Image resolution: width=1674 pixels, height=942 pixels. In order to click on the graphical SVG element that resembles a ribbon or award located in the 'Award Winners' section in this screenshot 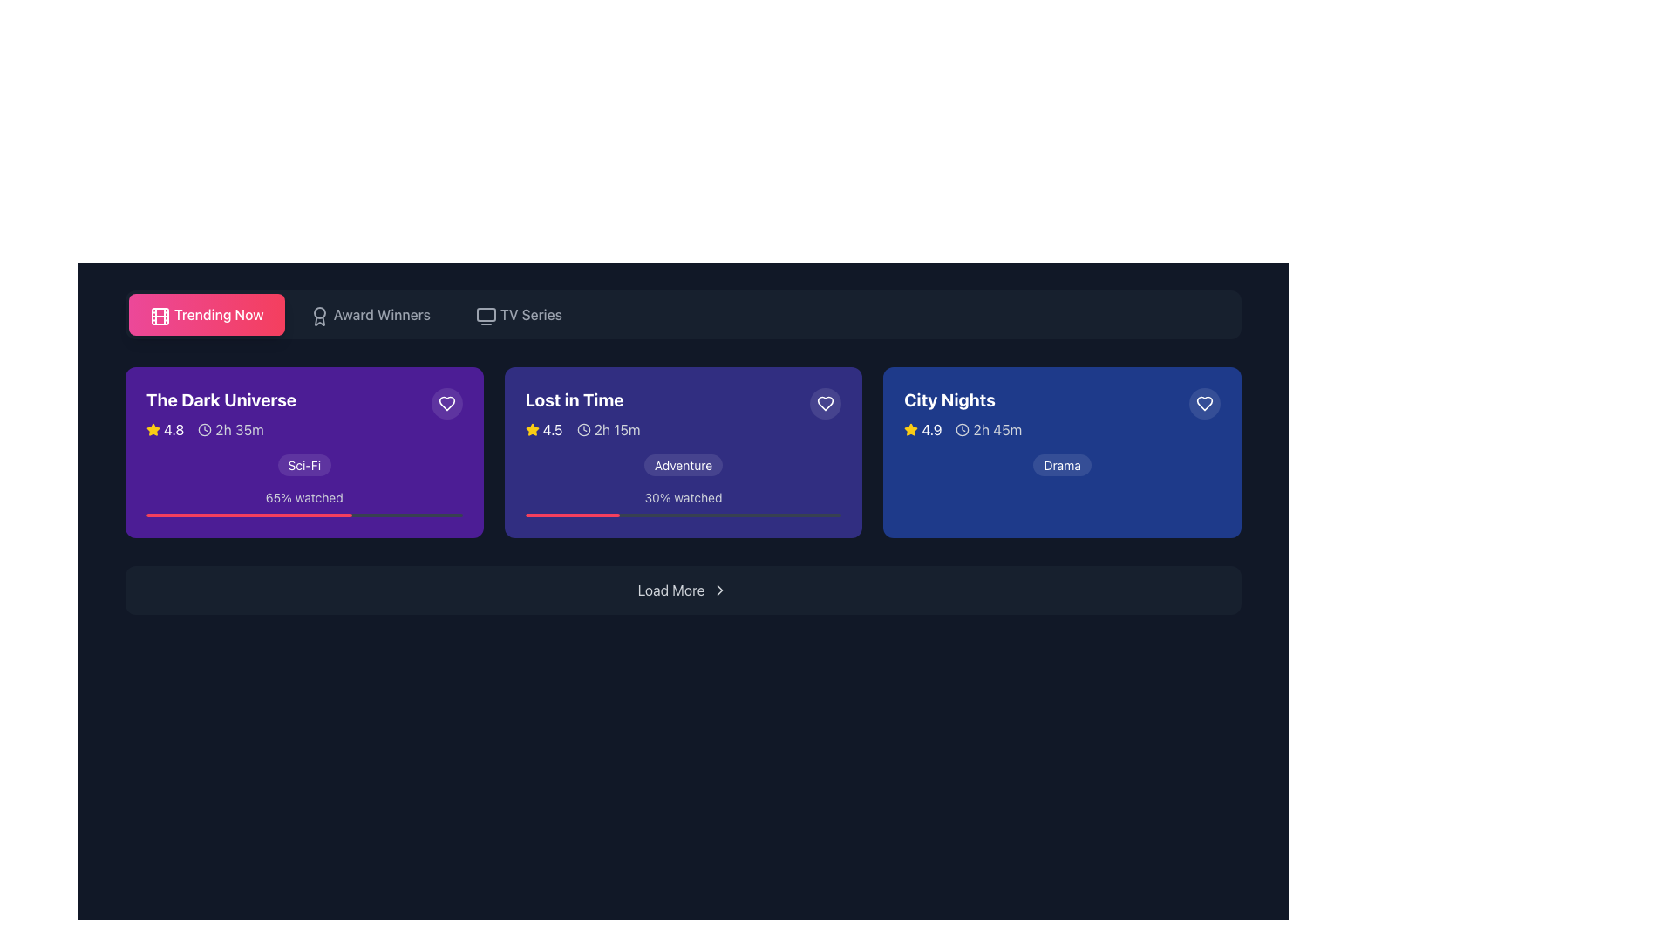, I will do `click(319, 321)`.